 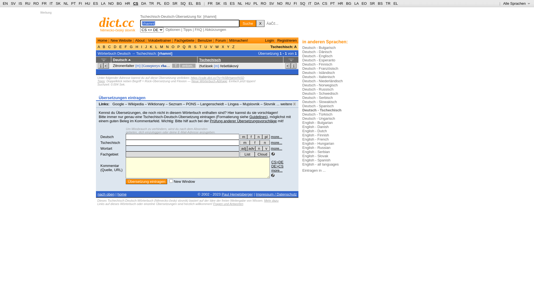 I want to click on 'DE>CS', so click(x=277, y=166).